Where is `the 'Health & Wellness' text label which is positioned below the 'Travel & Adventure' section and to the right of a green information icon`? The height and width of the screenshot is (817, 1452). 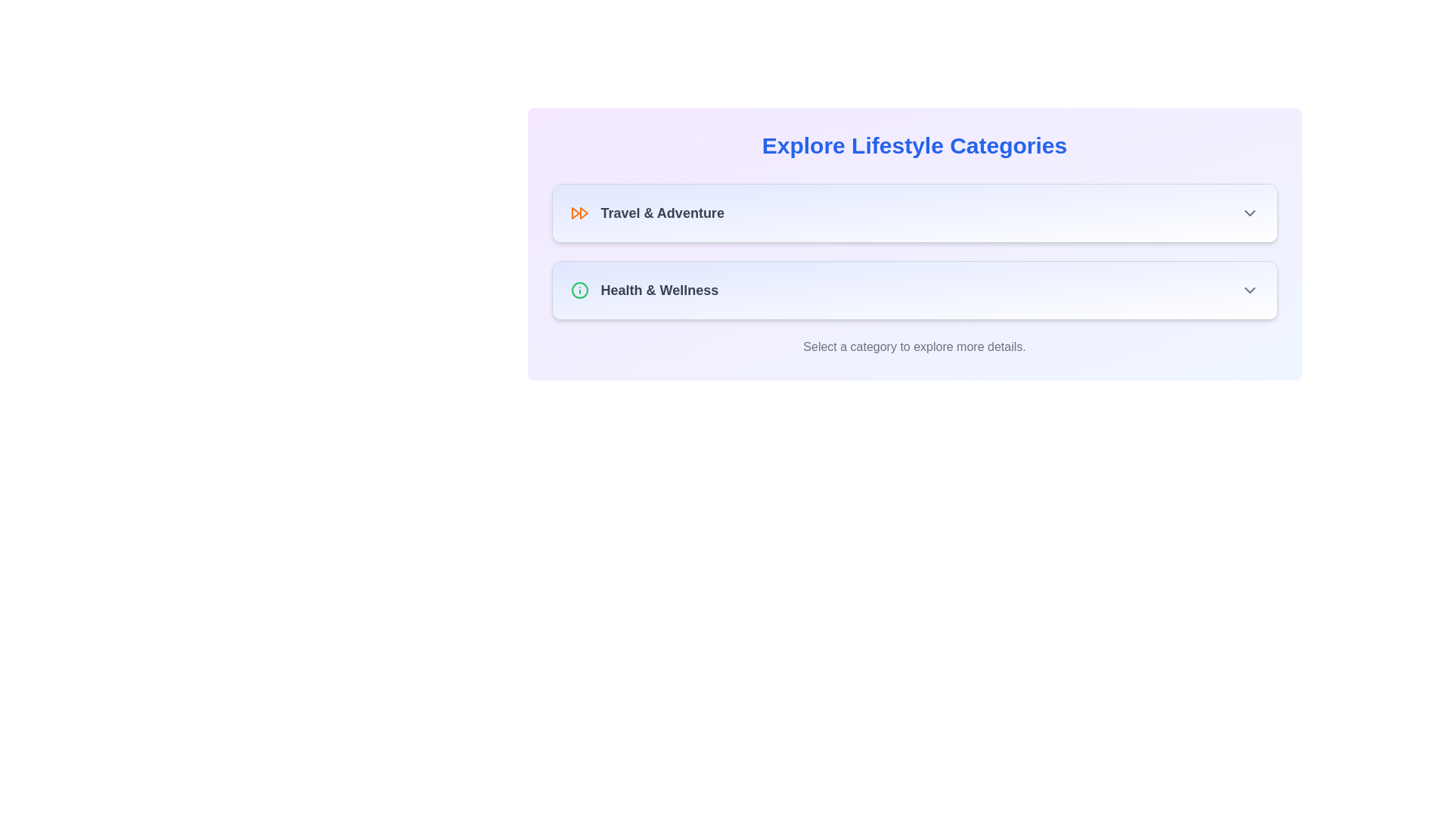 the 'Health & Wellness' text label which is positioned below the 'Travel & Adventure' section and to the right of a green information icon is located at coordinates (659, 290).